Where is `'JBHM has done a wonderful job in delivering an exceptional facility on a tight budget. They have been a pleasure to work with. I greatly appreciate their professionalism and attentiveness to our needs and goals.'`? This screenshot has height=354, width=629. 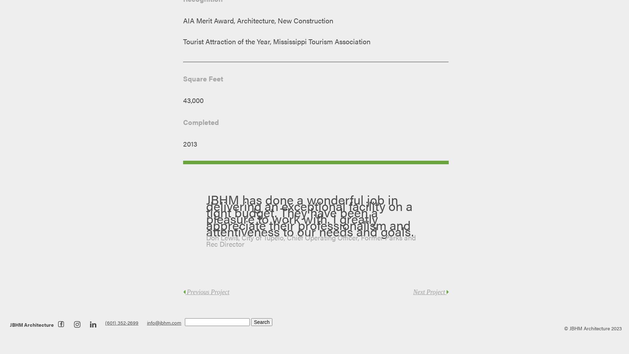 'JBHM has done a wonderful job in delivering an exceptional facility on a tight budget. They have been a pleasure to work with. I greatly appreciate their professionalism and attentiveness to our needs and goals.' is located at coordinates (206, 215).